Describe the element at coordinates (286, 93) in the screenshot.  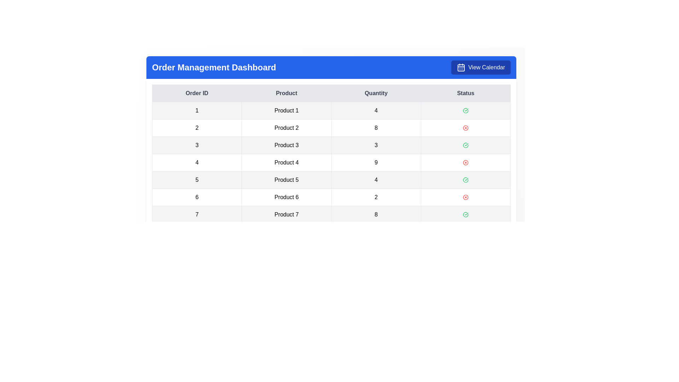
I see `the table header Product to sort or filter the data` at that location.